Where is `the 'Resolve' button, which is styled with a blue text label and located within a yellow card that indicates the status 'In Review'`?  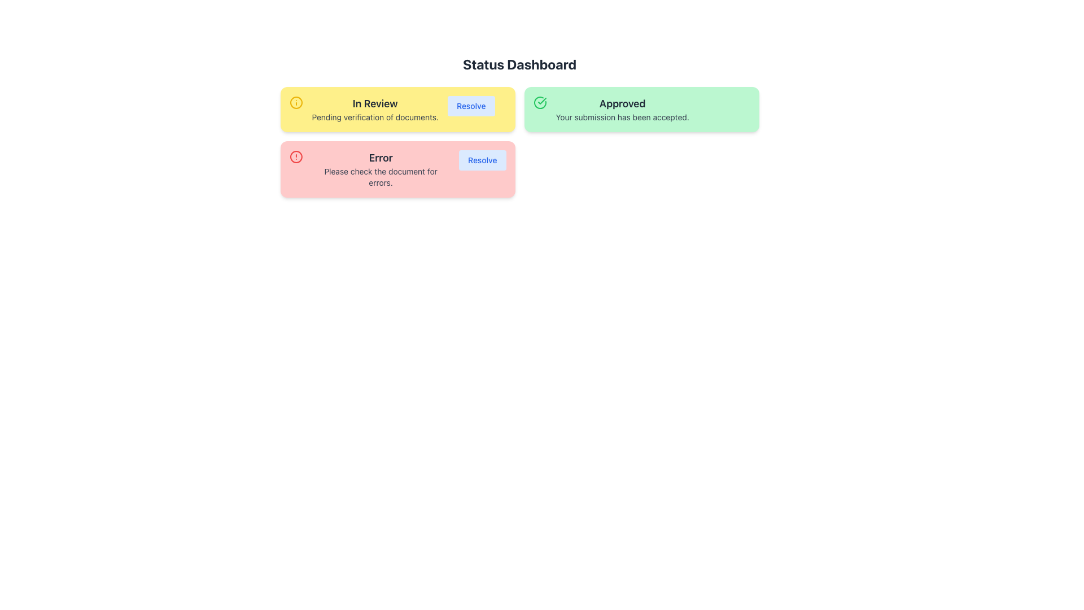 the 'Resolve' button, which is styled with a blue text label and located within a yellow card that indicates the status 'In Review' is located at coordinates (471, 106).